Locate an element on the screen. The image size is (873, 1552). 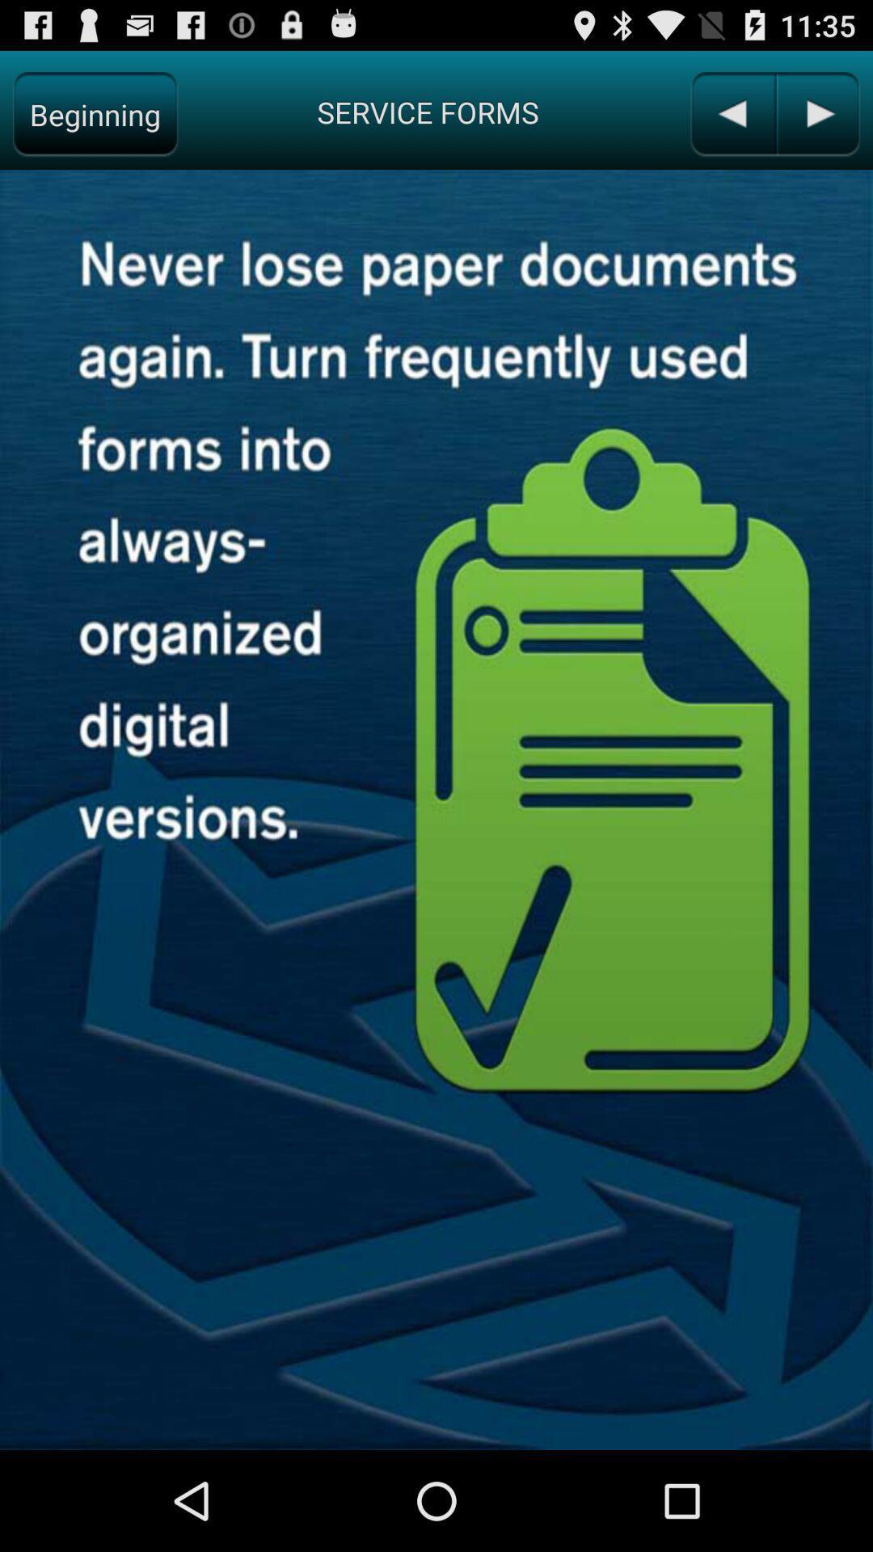
previous is located at coordinates (817, 113).